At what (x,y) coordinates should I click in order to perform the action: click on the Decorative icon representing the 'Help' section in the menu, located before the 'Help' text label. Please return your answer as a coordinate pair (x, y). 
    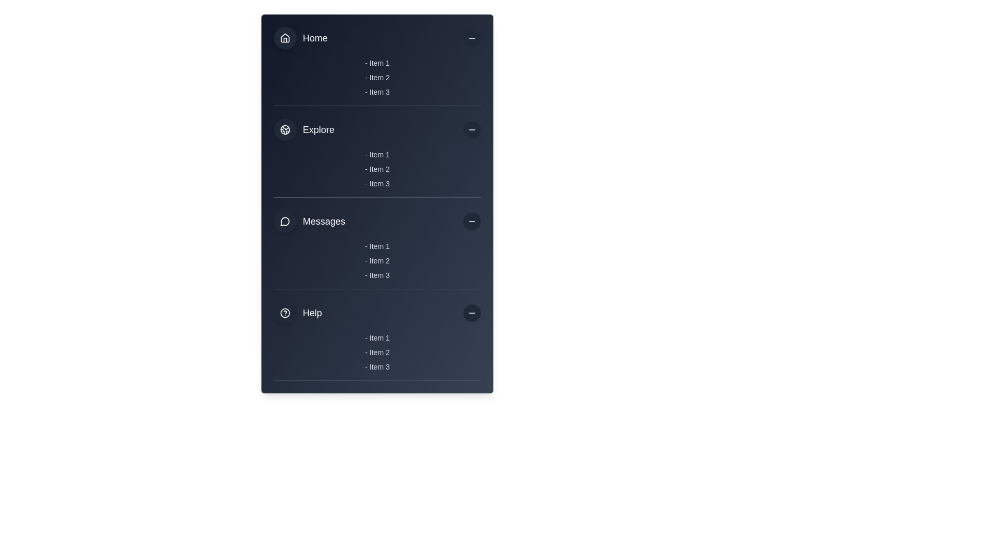
    Looking at the image, I should click on (285, 313).